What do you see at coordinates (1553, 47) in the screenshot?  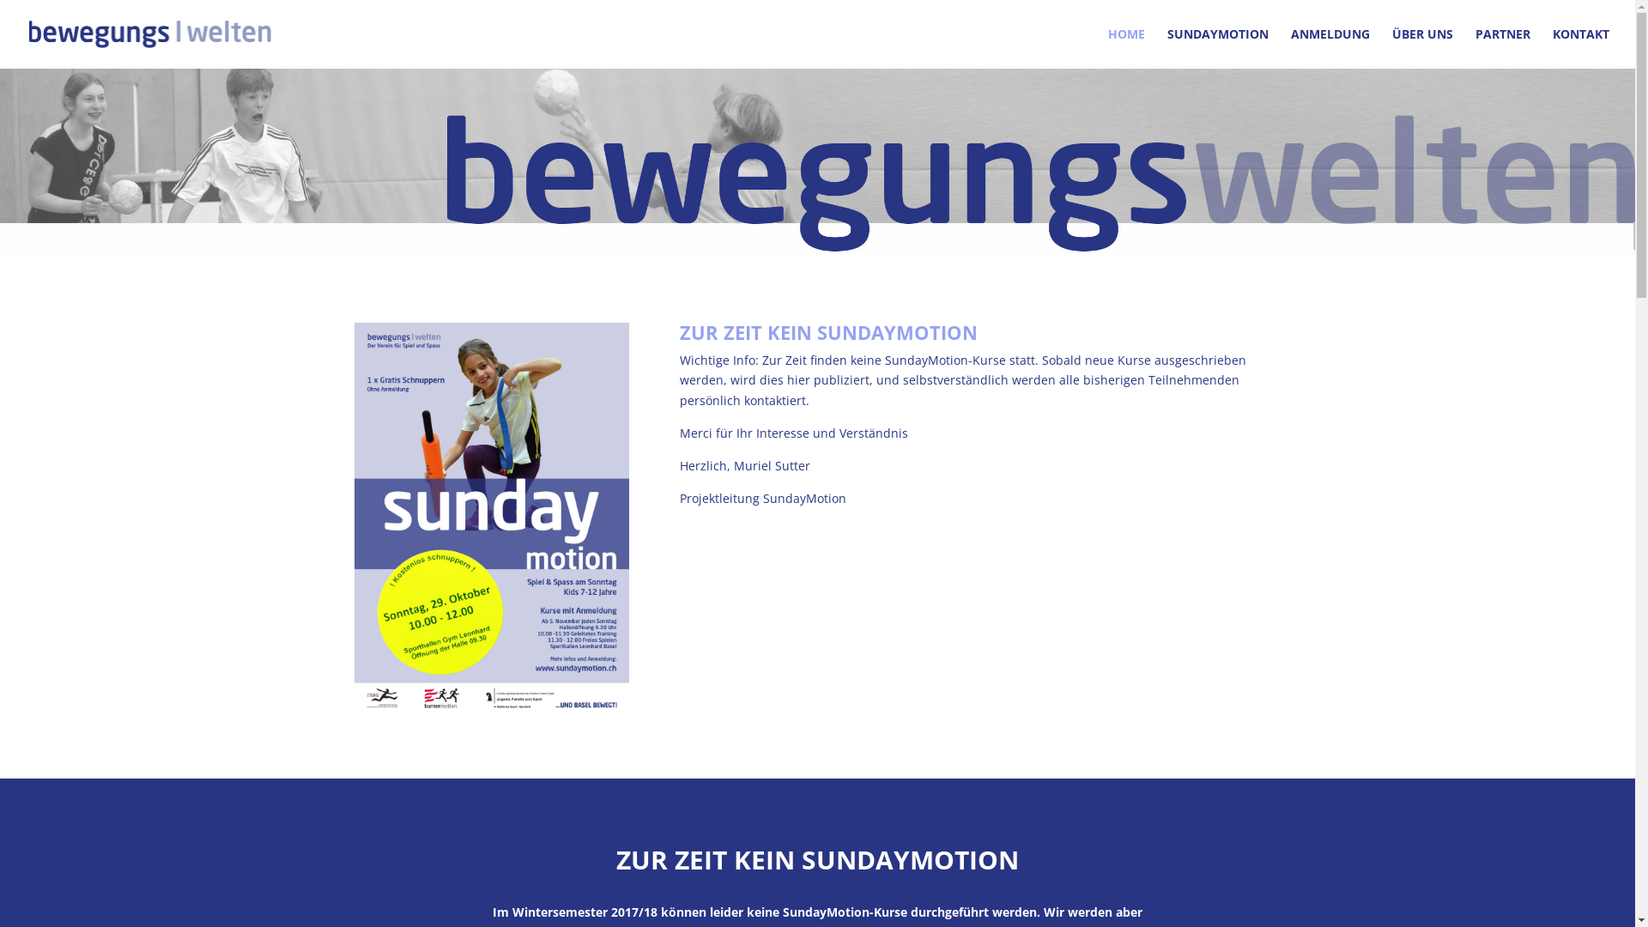 I see `'KONTAKT'` at bounding box center [1553, 47].